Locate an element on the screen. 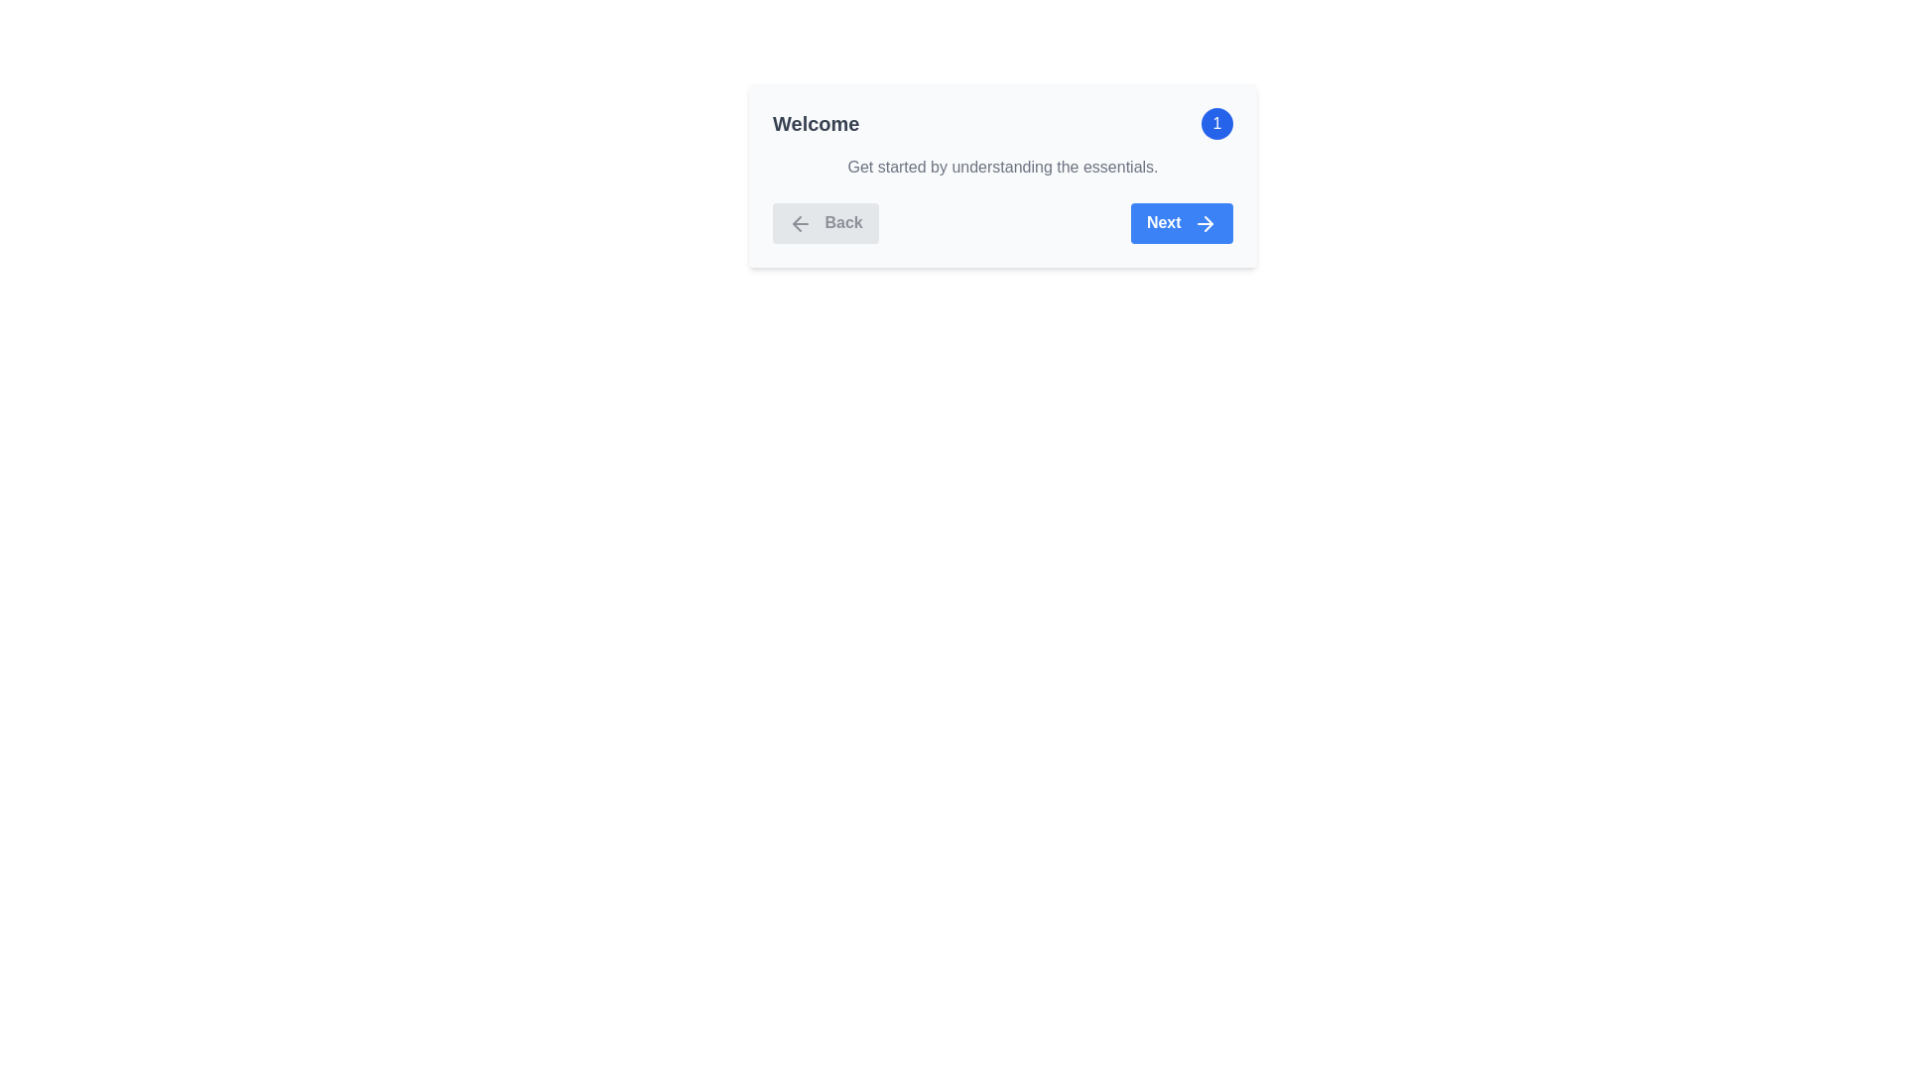  the informative text label that provides user guidance, located below the 'Welcome' heading and above the 'Back' and 'Next' navigation buttons is located at coordinates (1003, 167).